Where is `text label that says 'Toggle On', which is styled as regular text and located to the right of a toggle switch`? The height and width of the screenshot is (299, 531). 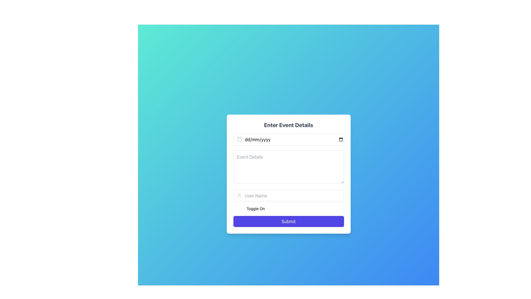 text label that says 'Toggle On', which is styled as regular text and located to the right of a toggle switch is located at coordinates (255, 208).